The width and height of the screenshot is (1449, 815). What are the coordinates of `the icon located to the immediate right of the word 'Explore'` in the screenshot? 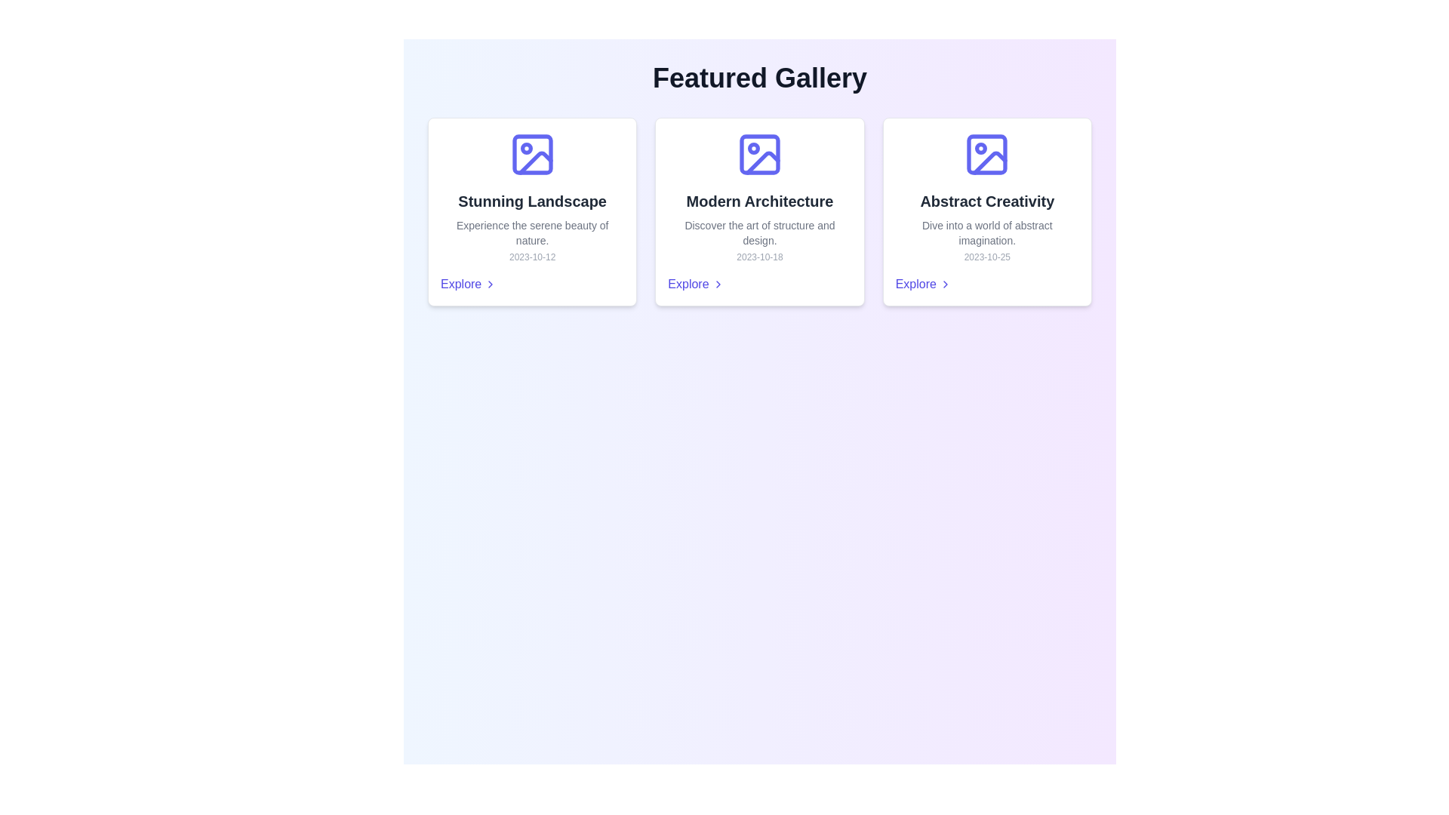 It's located at (717, 284).